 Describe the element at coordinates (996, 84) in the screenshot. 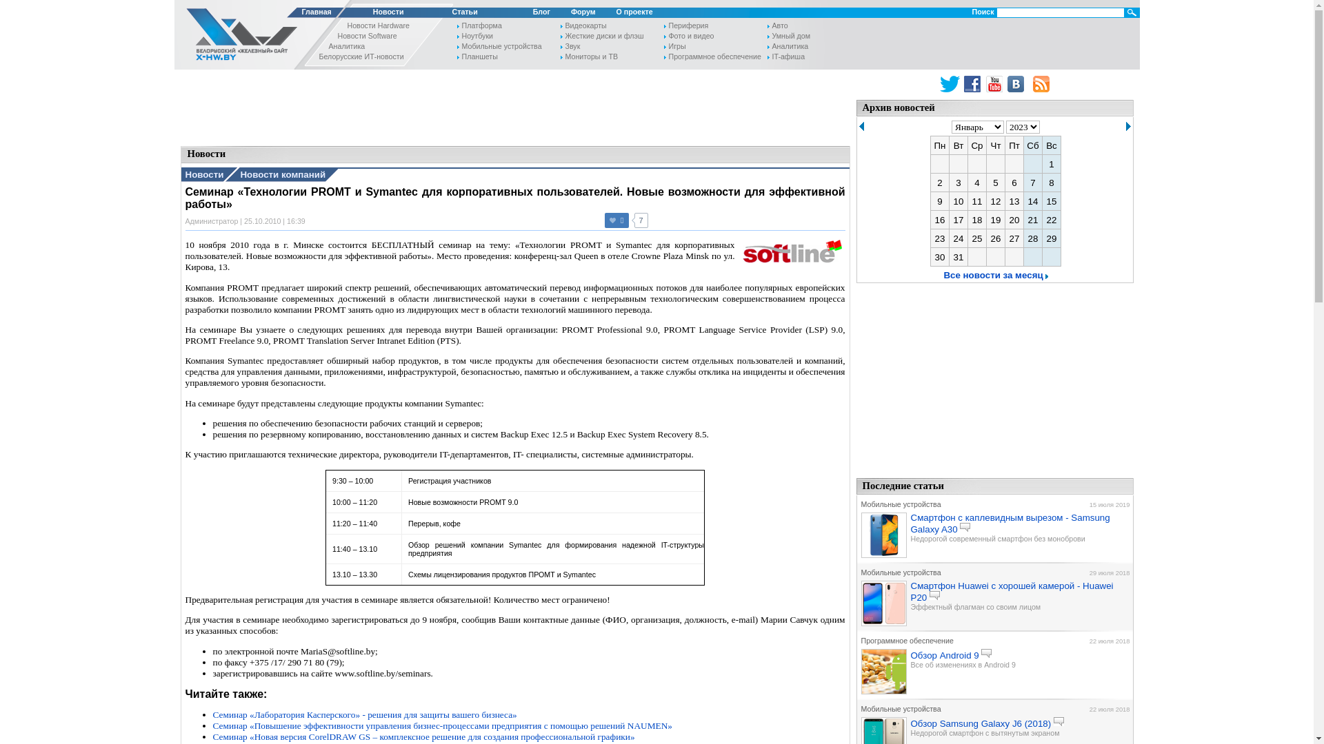

I see `'X-HW.BY Youtube'` at that location.